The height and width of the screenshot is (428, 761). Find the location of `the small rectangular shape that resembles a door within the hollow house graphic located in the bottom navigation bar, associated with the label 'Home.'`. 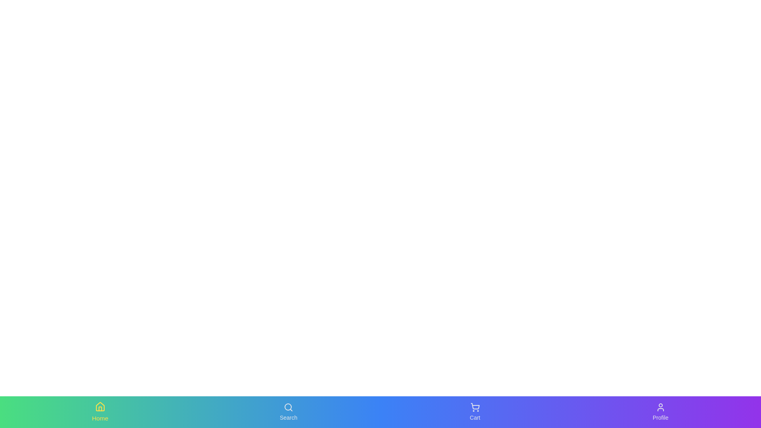

the small rectangular shape that resembles a door within the hollow house graphic located in the bottom navigation bar, associated with the label 'Home.' is located at coordinates (99, 409).